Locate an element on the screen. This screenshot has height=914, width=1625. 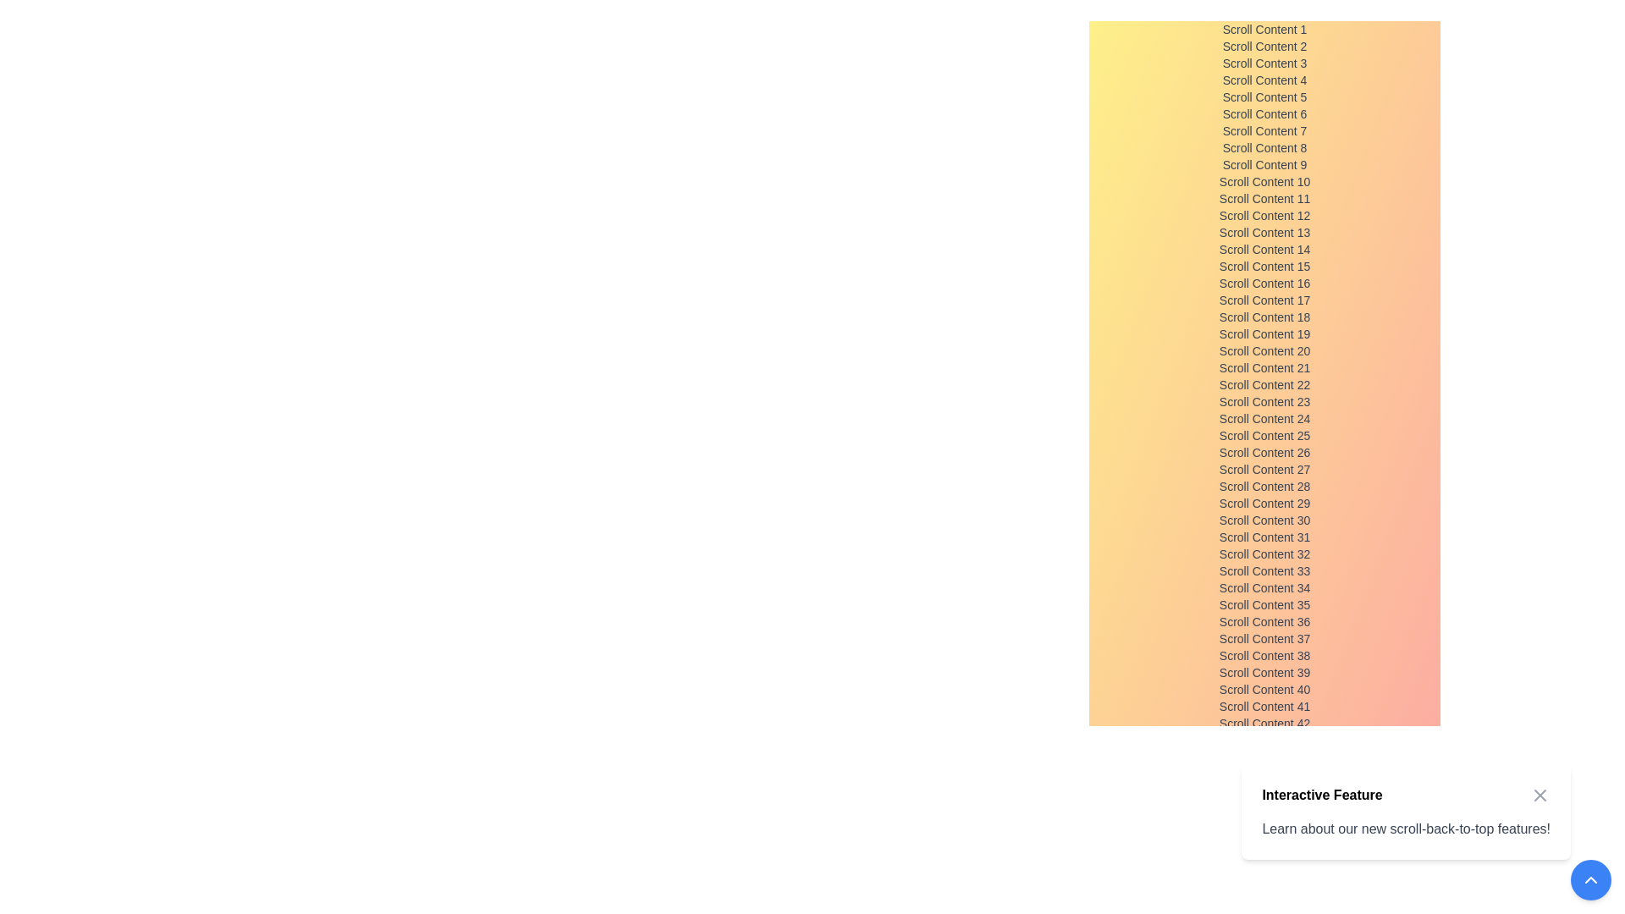
the text label displaying 'Scroll Content 37', which is the 37th item in a vertically scrollable list of similar labels is located at coordinates (1264, 639).